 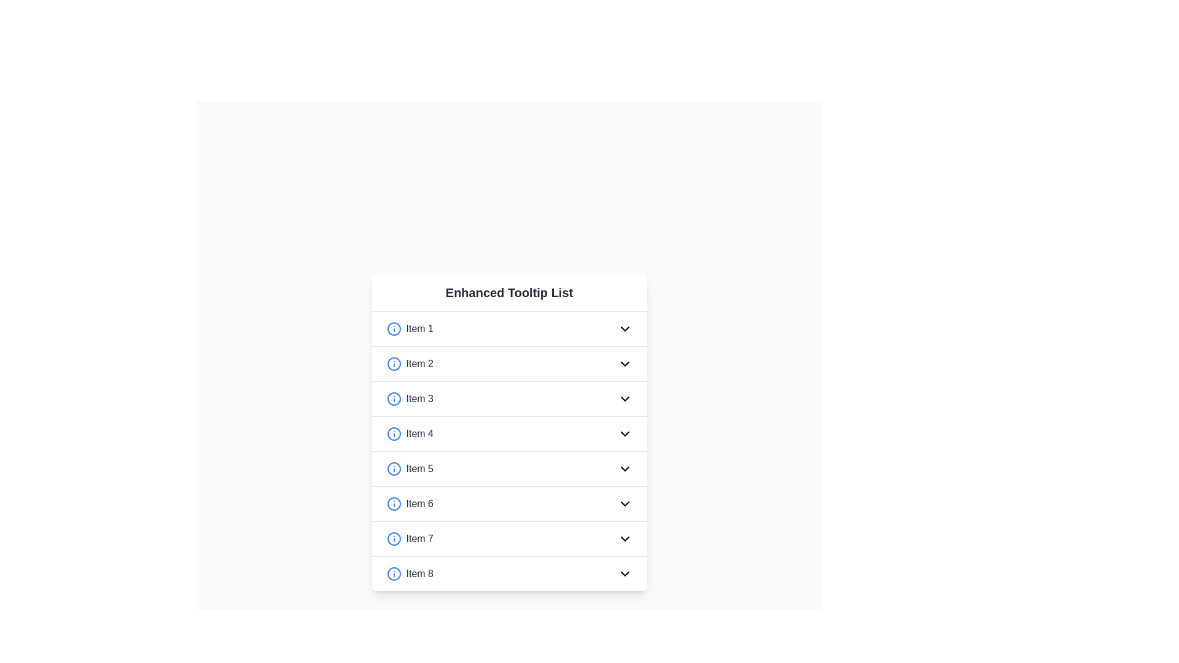 I want to click on the horizontal layout element containing the circular blue 'info' icon on the left and the text 'Item 8' in a bold, dark gray font on the right, which is positioned at the bottom of a vertical list in the 'Enhanced Tooltip List' card component, so click(x=410, y=573).